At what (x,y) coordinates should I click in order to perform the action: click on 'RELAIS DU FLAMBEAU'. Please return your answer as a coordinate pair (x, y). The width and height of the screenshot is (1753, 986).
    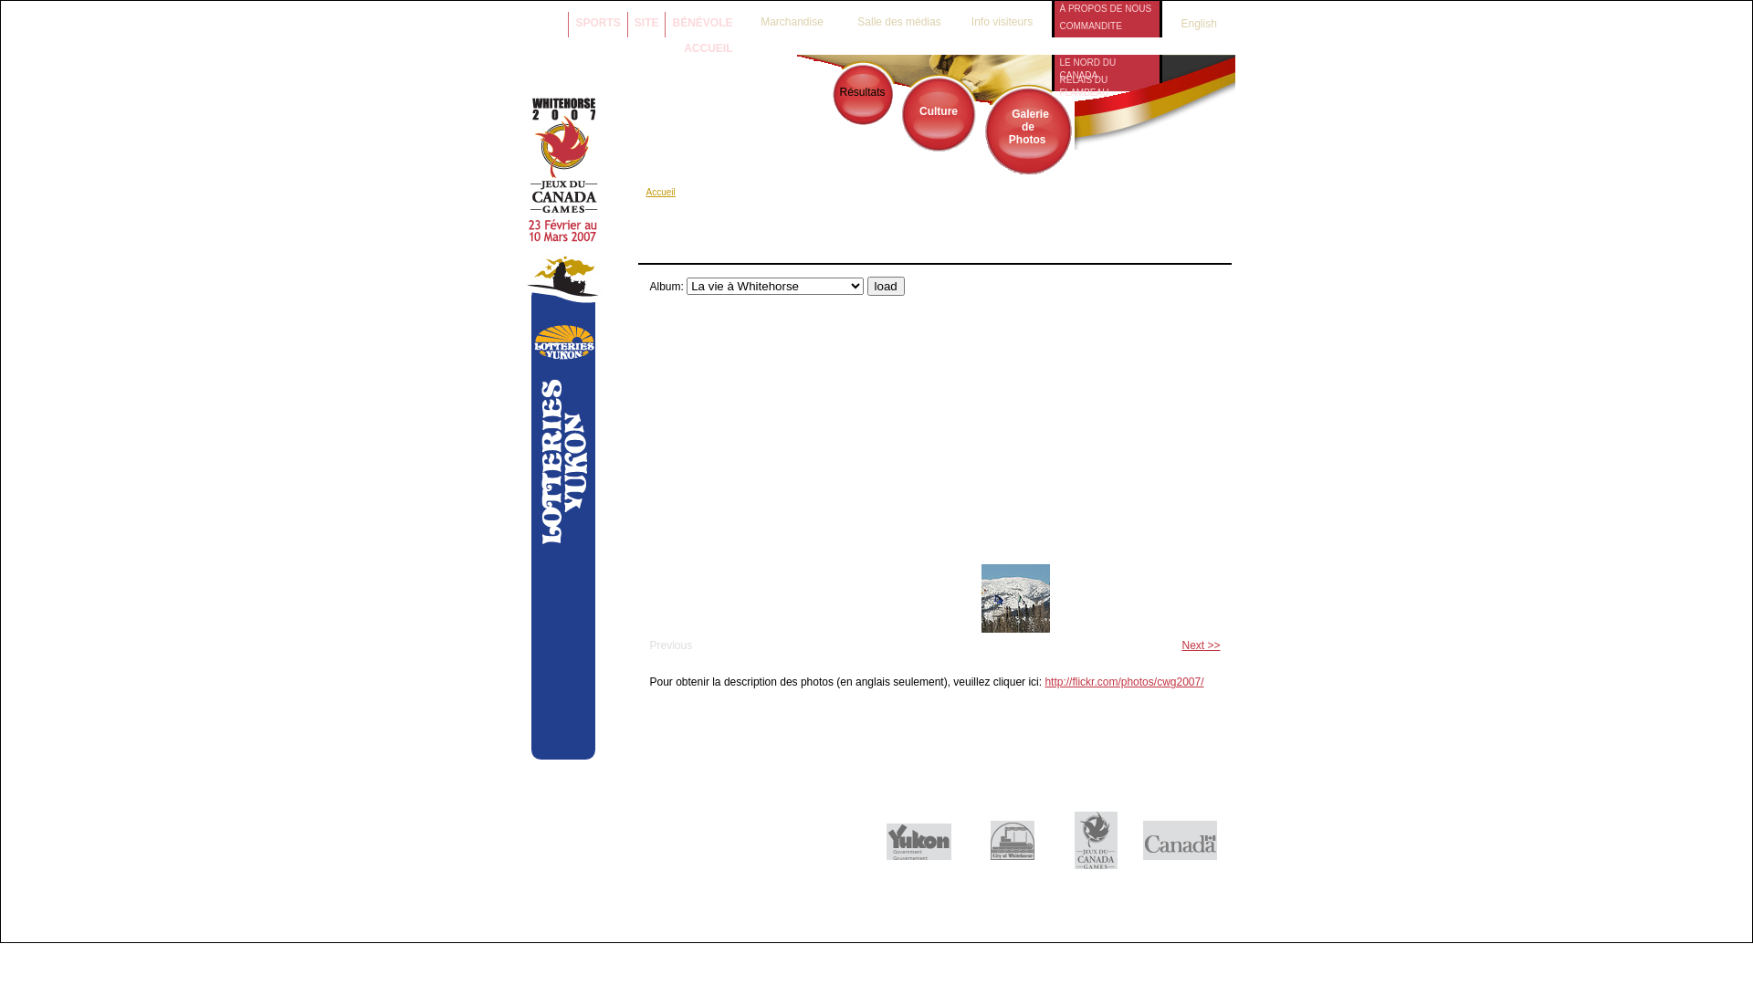
    Looking at the image, I should click on (1105, 79).